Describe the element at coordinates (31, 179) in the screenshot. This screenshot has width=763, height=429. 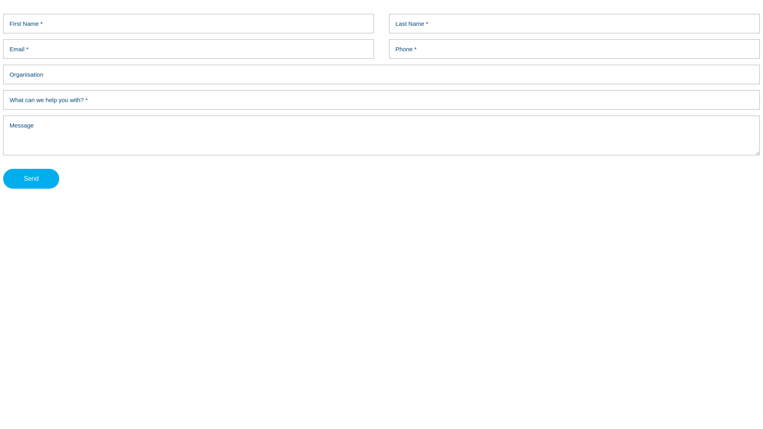
I see `'Send'` at that location.